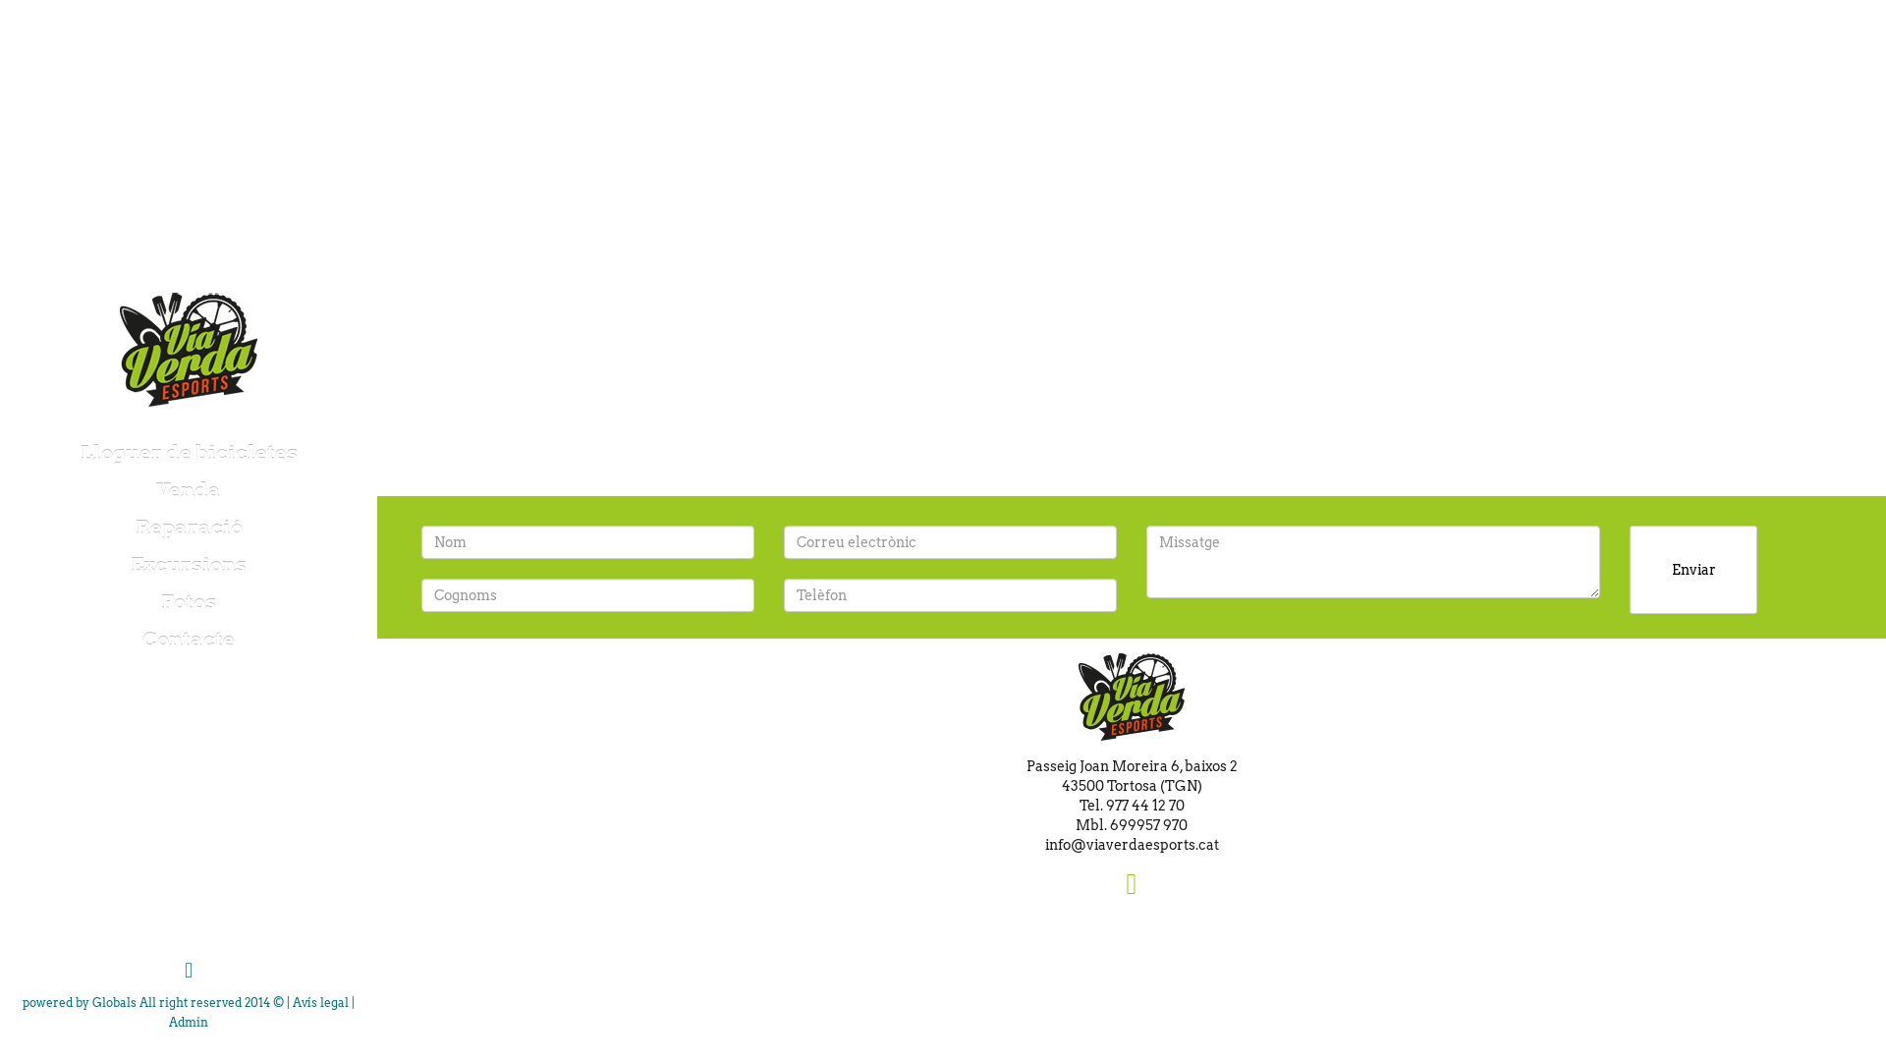 The width and height of the screenshot is (1886, 1061). Describe the element at coordinates (113, 1002) in the screenshot. I see `'Globals'` at that location.